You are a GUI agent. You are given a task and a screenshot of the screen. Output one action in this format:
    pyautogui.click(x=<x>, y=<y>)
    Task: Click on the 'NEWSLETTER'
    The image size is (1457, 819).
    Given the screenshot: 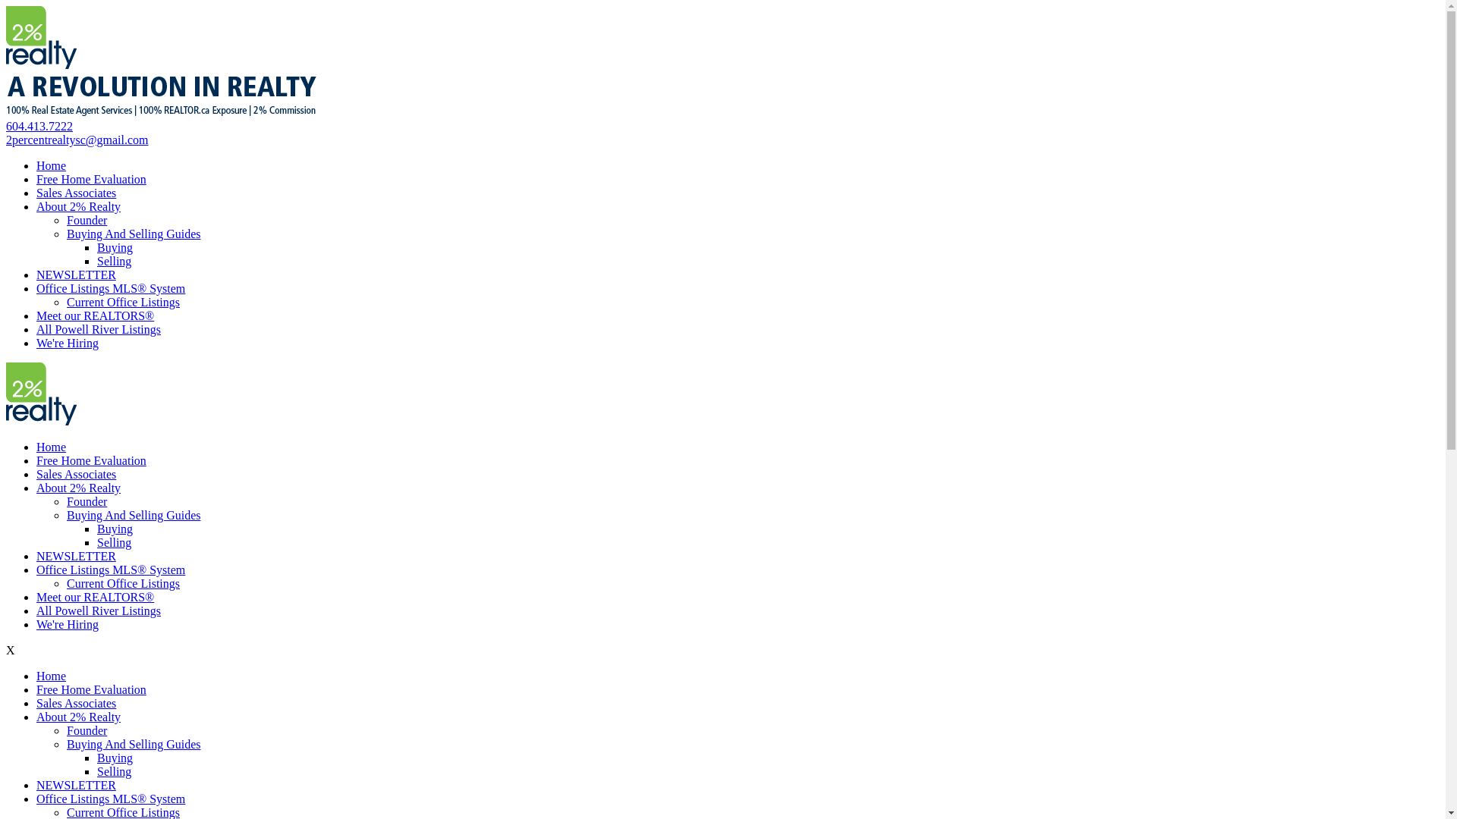 What is the action you would take?
    pyautogui.click(x=75, y=785)
    